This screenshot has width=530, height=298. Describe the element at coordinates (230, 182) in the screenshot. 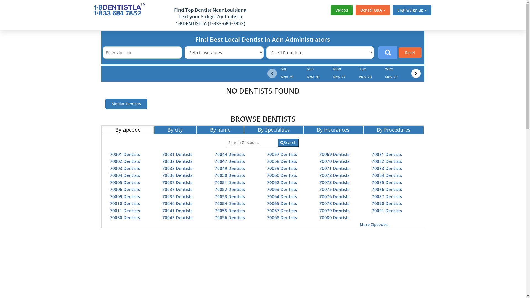

I see `'70051 Dentists'` at that location.